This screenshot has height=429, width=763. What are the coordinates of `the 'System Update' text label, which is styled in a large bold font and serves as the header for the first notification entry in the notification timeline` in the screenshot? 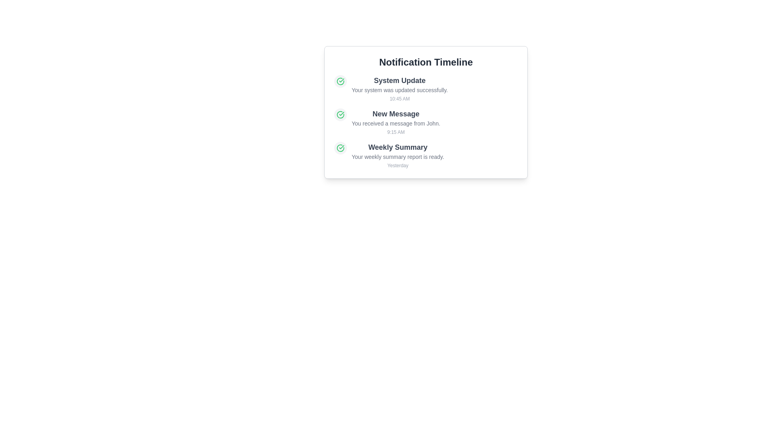 It's located at (400, 81).